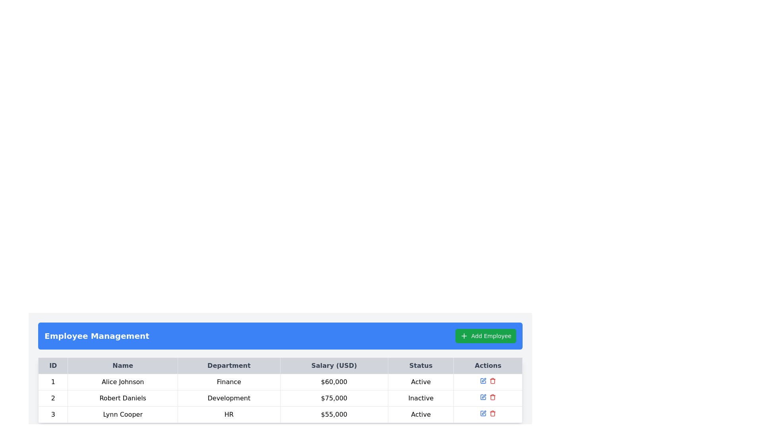 This screenshot has height=429, width=763. I want to click on the red trash icon button in the 'Actions' column of the third table row, so click(492, 381).